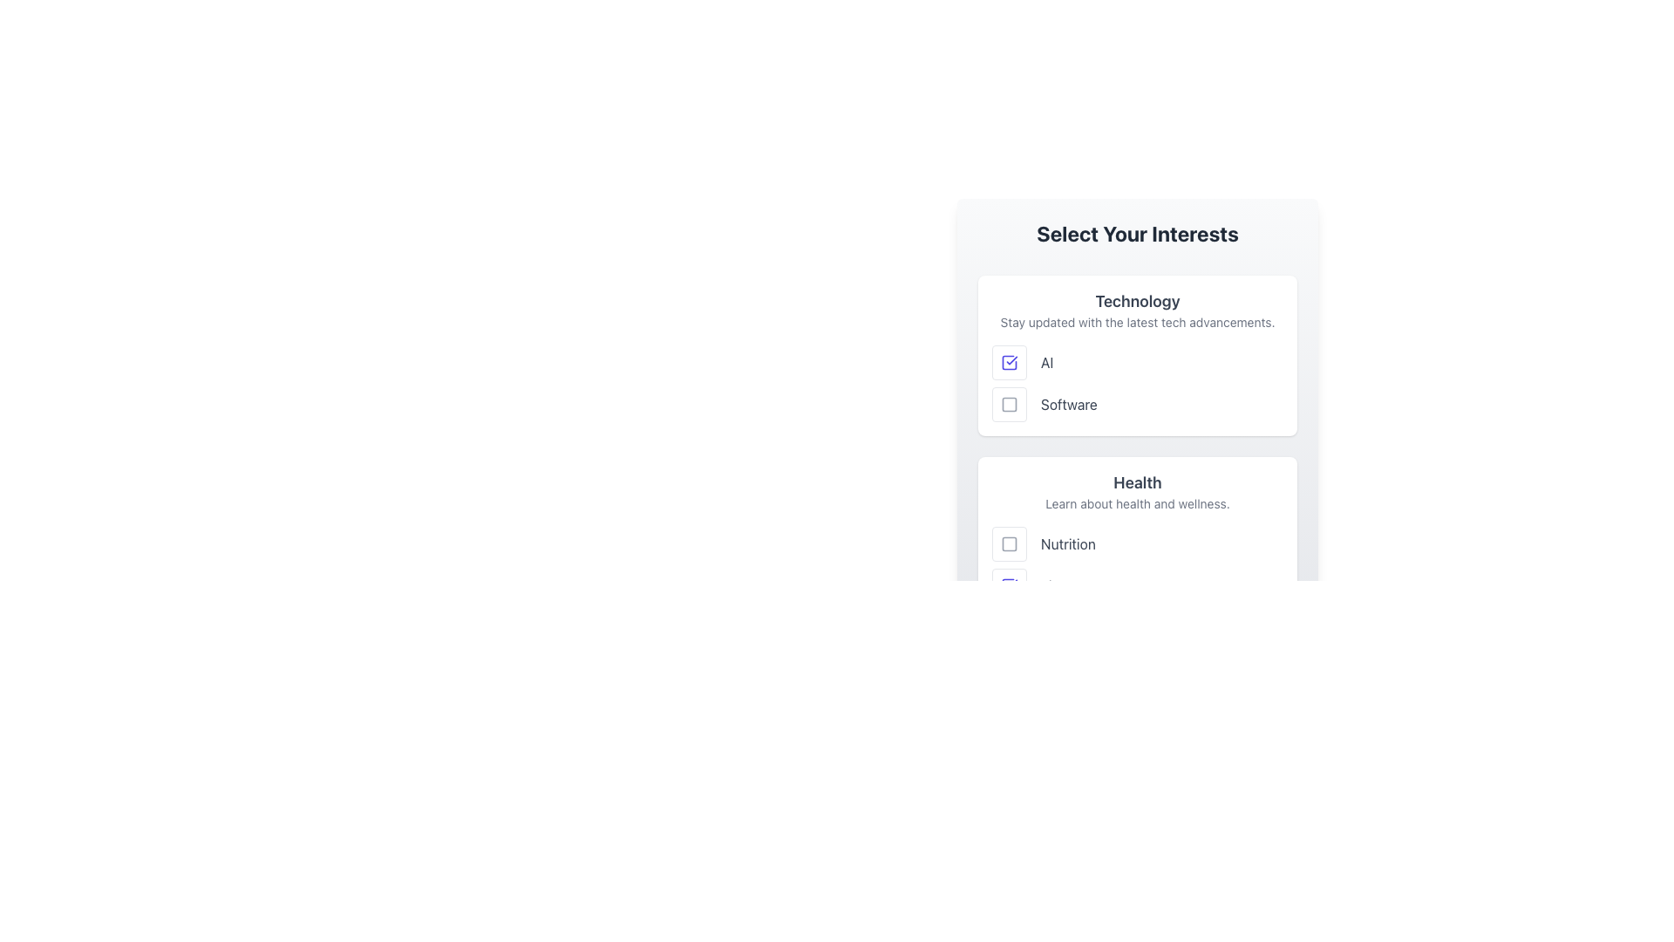  I want to click on the checkbox located to the left of the text labeled 'AI' in the 'Technology' interest selection section, so click(1009, 362).